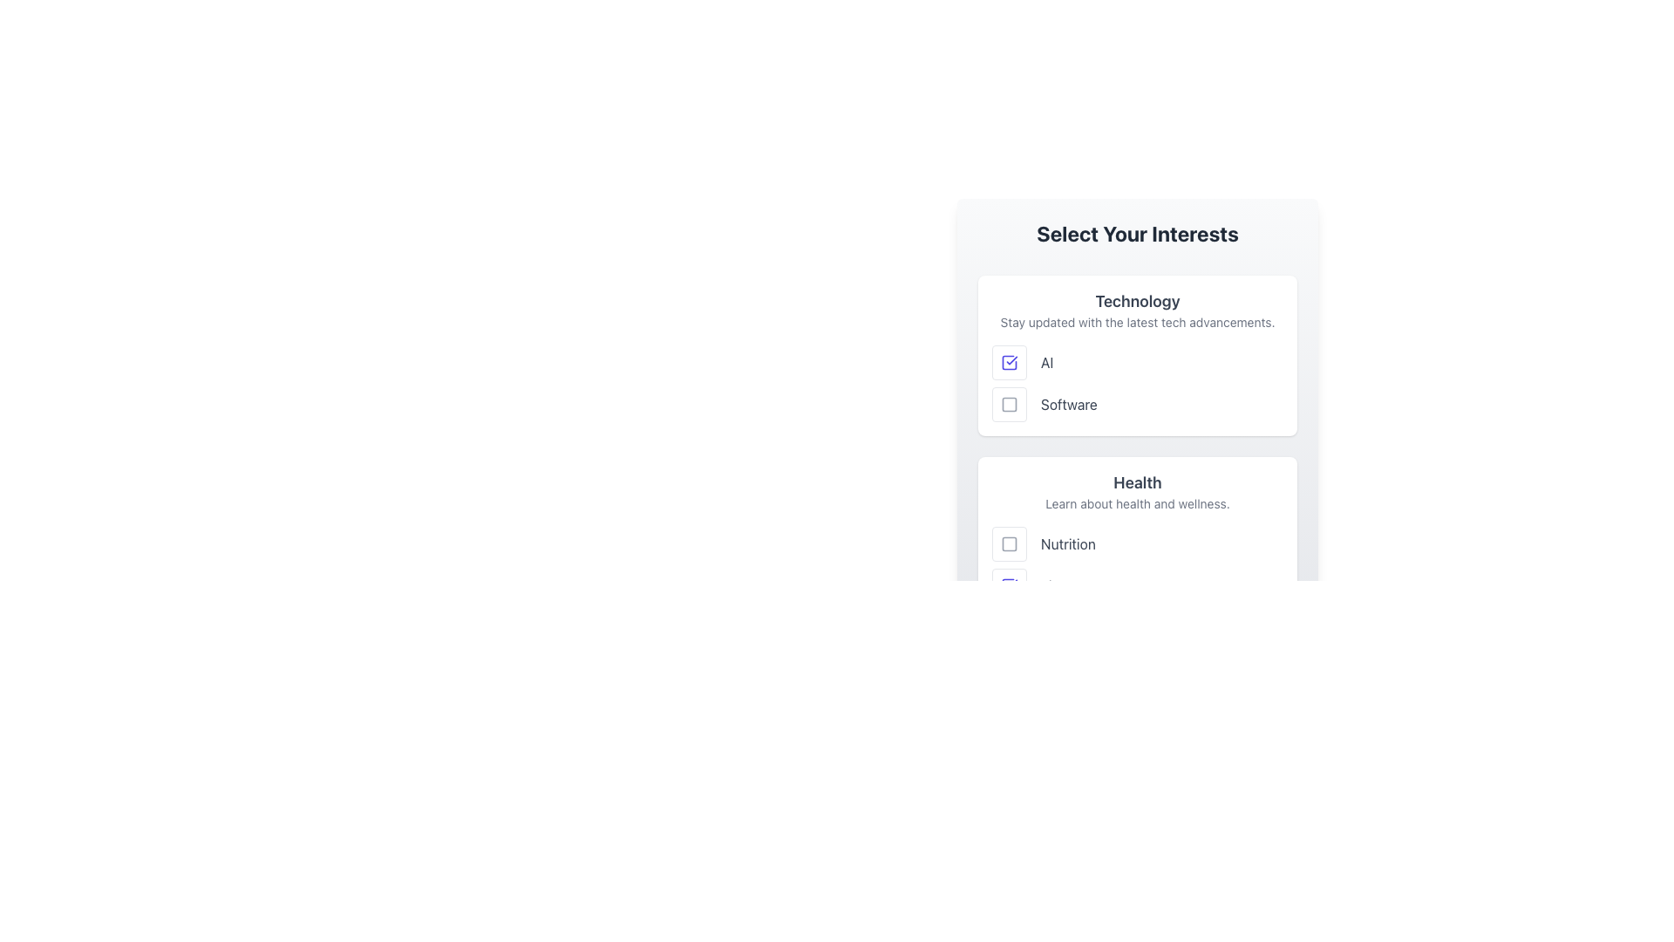  I want to click on the checkbox located to the left of the text labeled 'AI' in the 'Technology' interest selection section, so click(1009, 362).